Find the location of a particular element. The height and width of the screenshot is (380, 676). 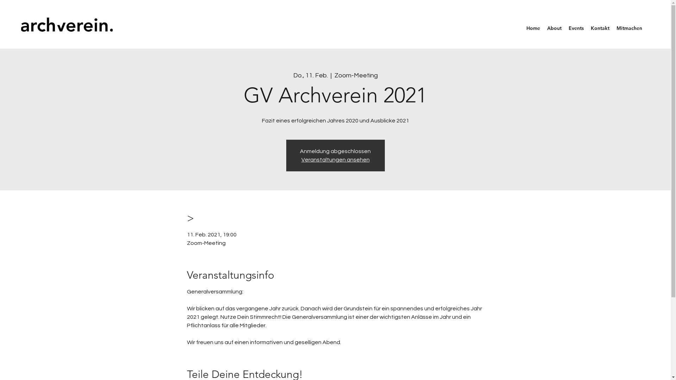

'About' is located at coordinates (554, 28).